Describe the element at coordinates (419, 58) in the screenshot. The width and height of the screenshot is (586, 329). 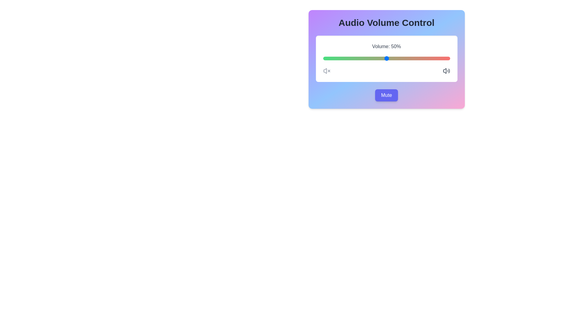
I see `the volume slider to 76%` at that location.